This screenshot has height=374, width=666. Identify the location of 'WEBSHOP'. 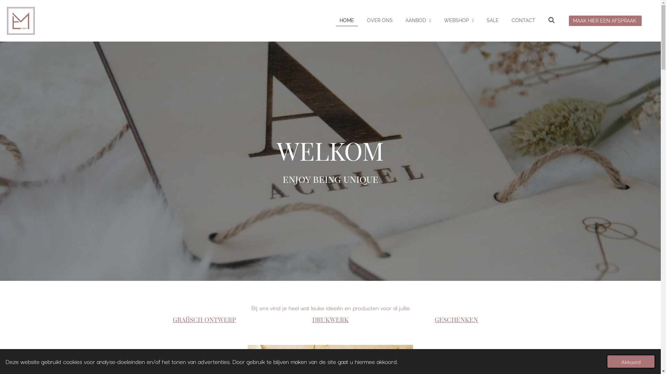
(459, 20).